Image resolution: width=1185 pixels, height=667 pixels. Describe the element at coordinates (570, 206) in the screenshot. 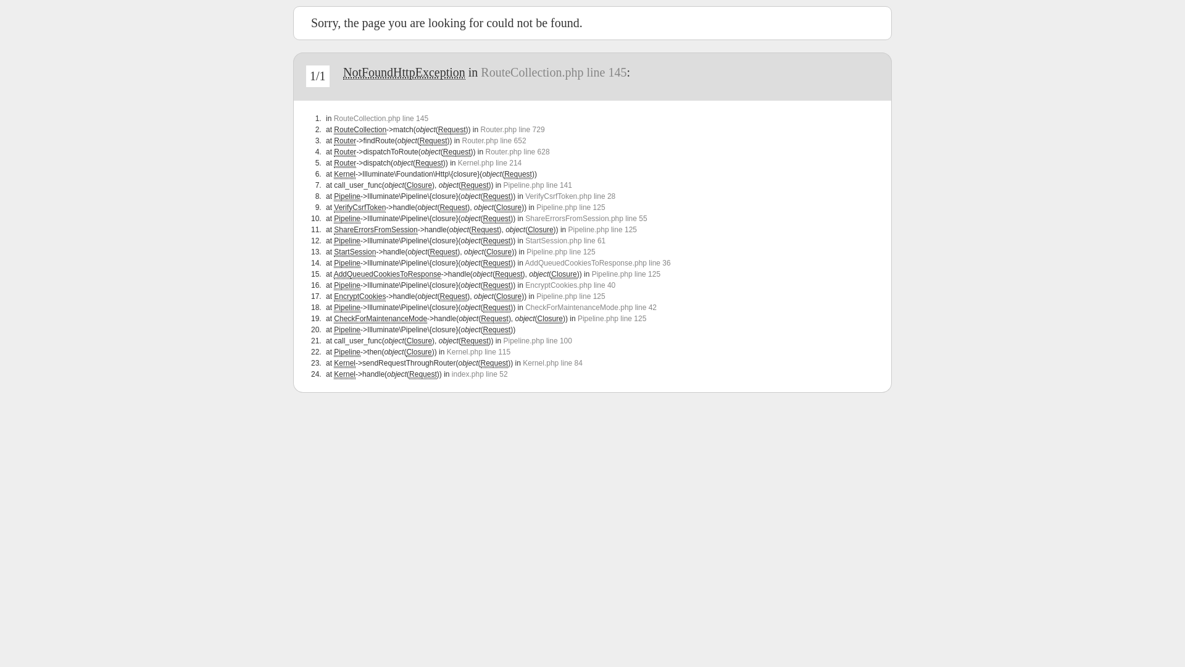

I see `'Pipeline.php line 125'` at that location.